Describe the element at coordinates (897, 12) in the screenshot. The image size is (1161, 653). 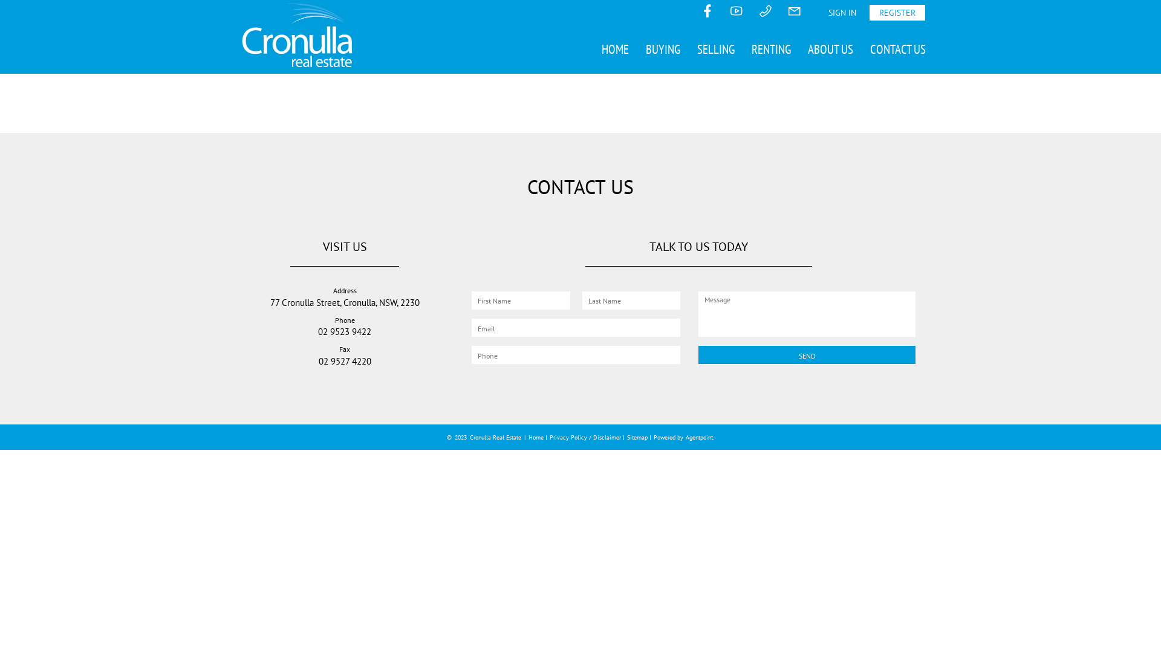
I see `'REGISTER'` at that location.